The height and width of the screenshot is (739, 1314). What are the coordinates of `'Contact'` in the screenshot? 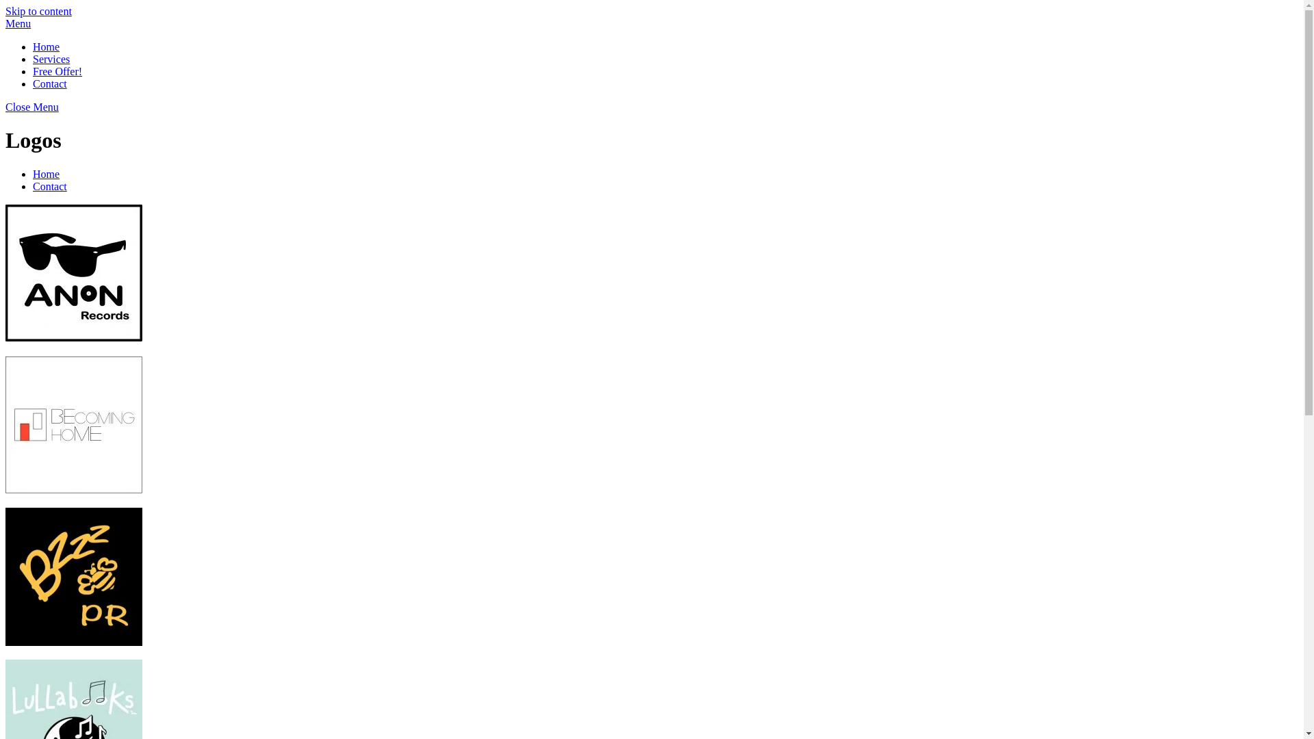 It's located at (49, 186).